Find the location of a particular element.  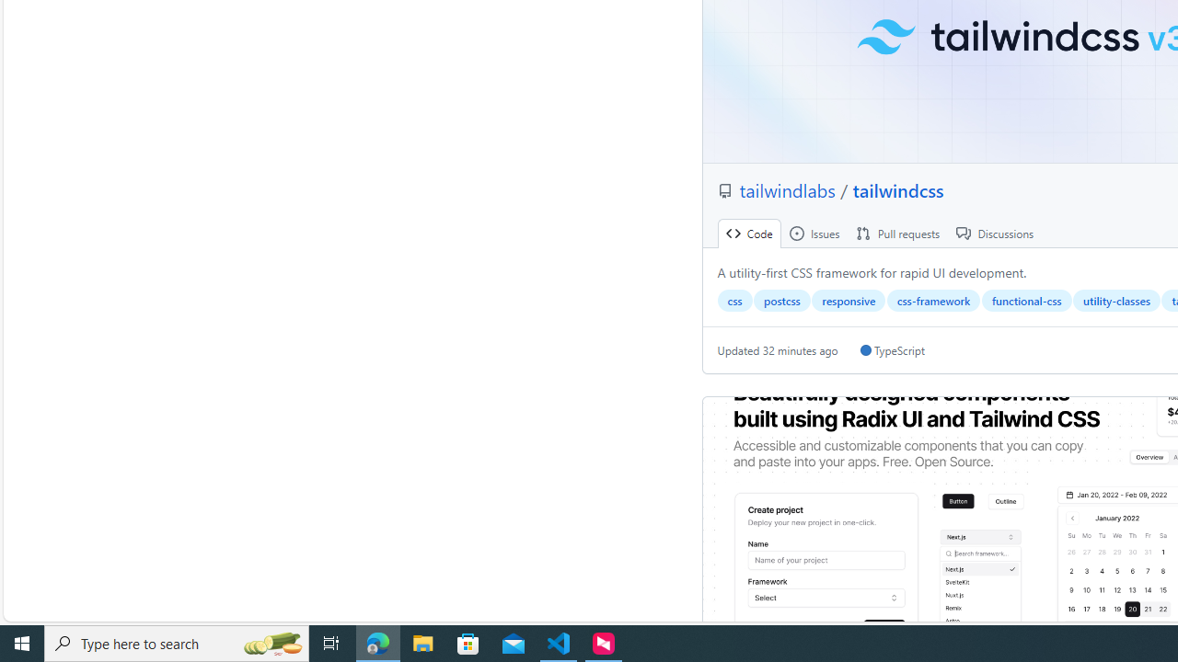

'css-framework' is located at coordinates (933, 300).